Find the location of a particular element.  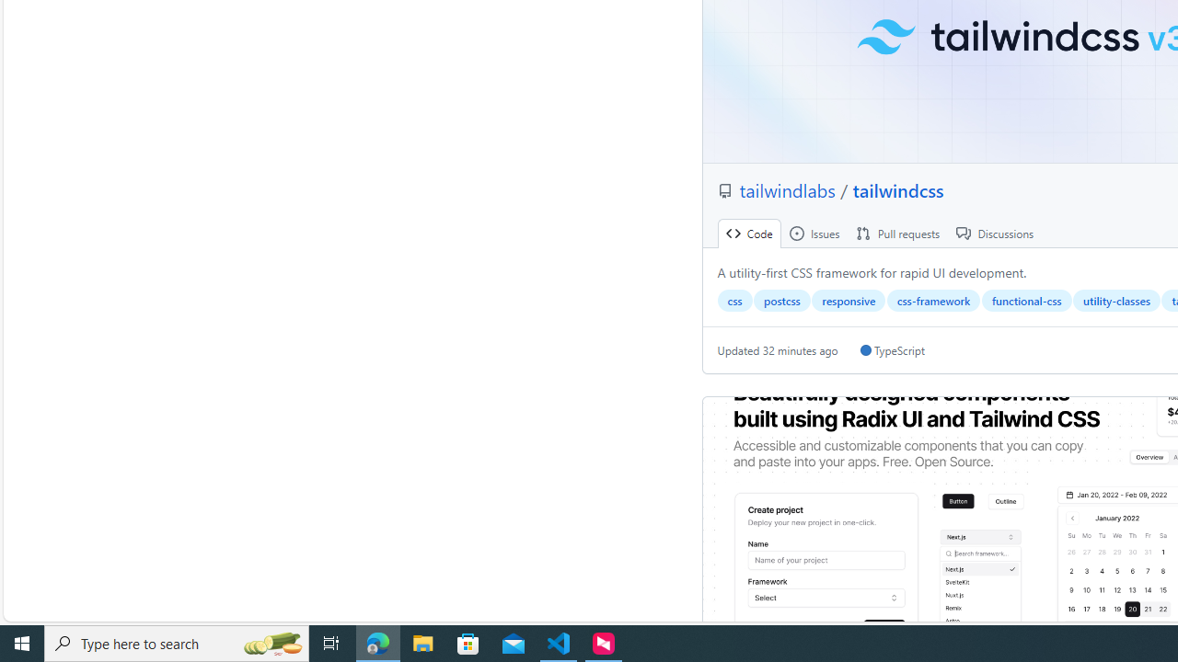

'css-framework' is located at coordinates (933, 300).